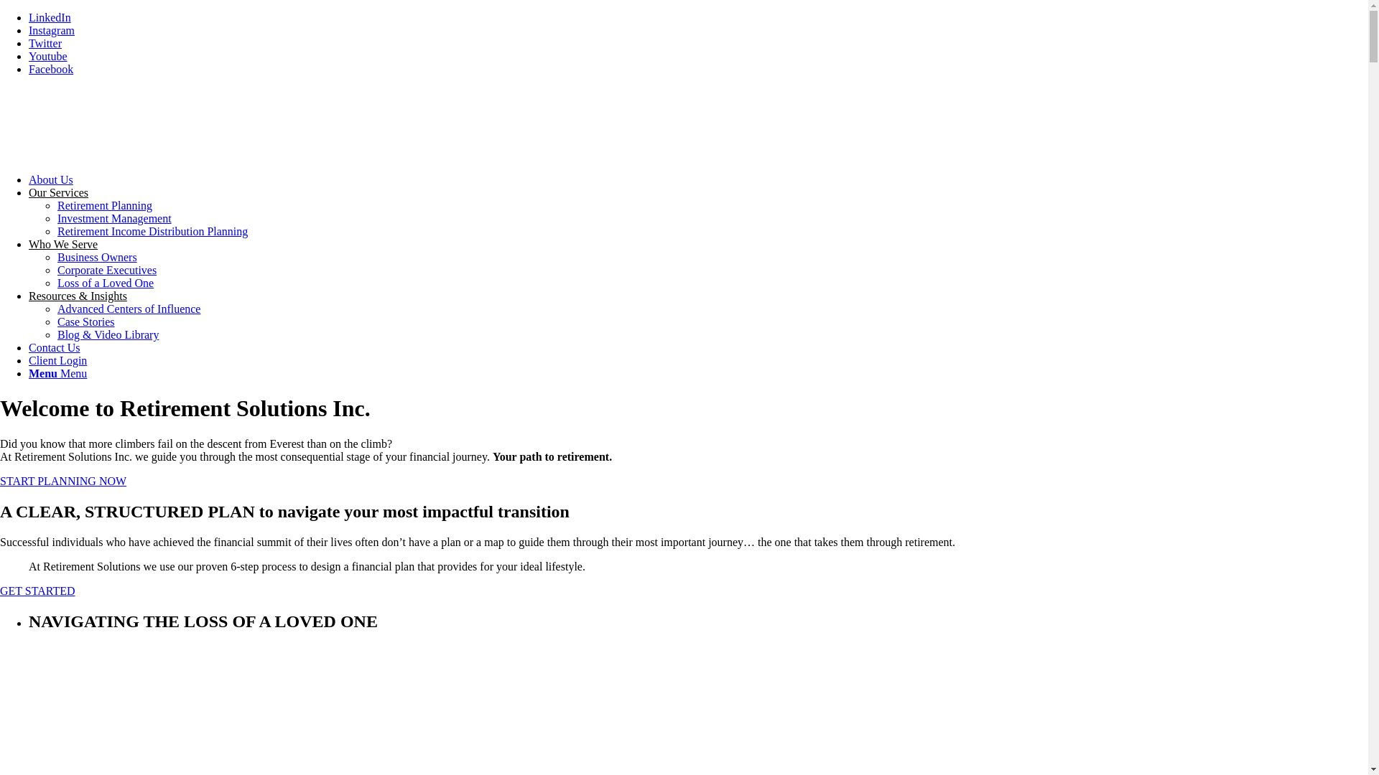 This screenshot has height=775, width=1379. I want to click on 'Twitter', so click(45, 42).